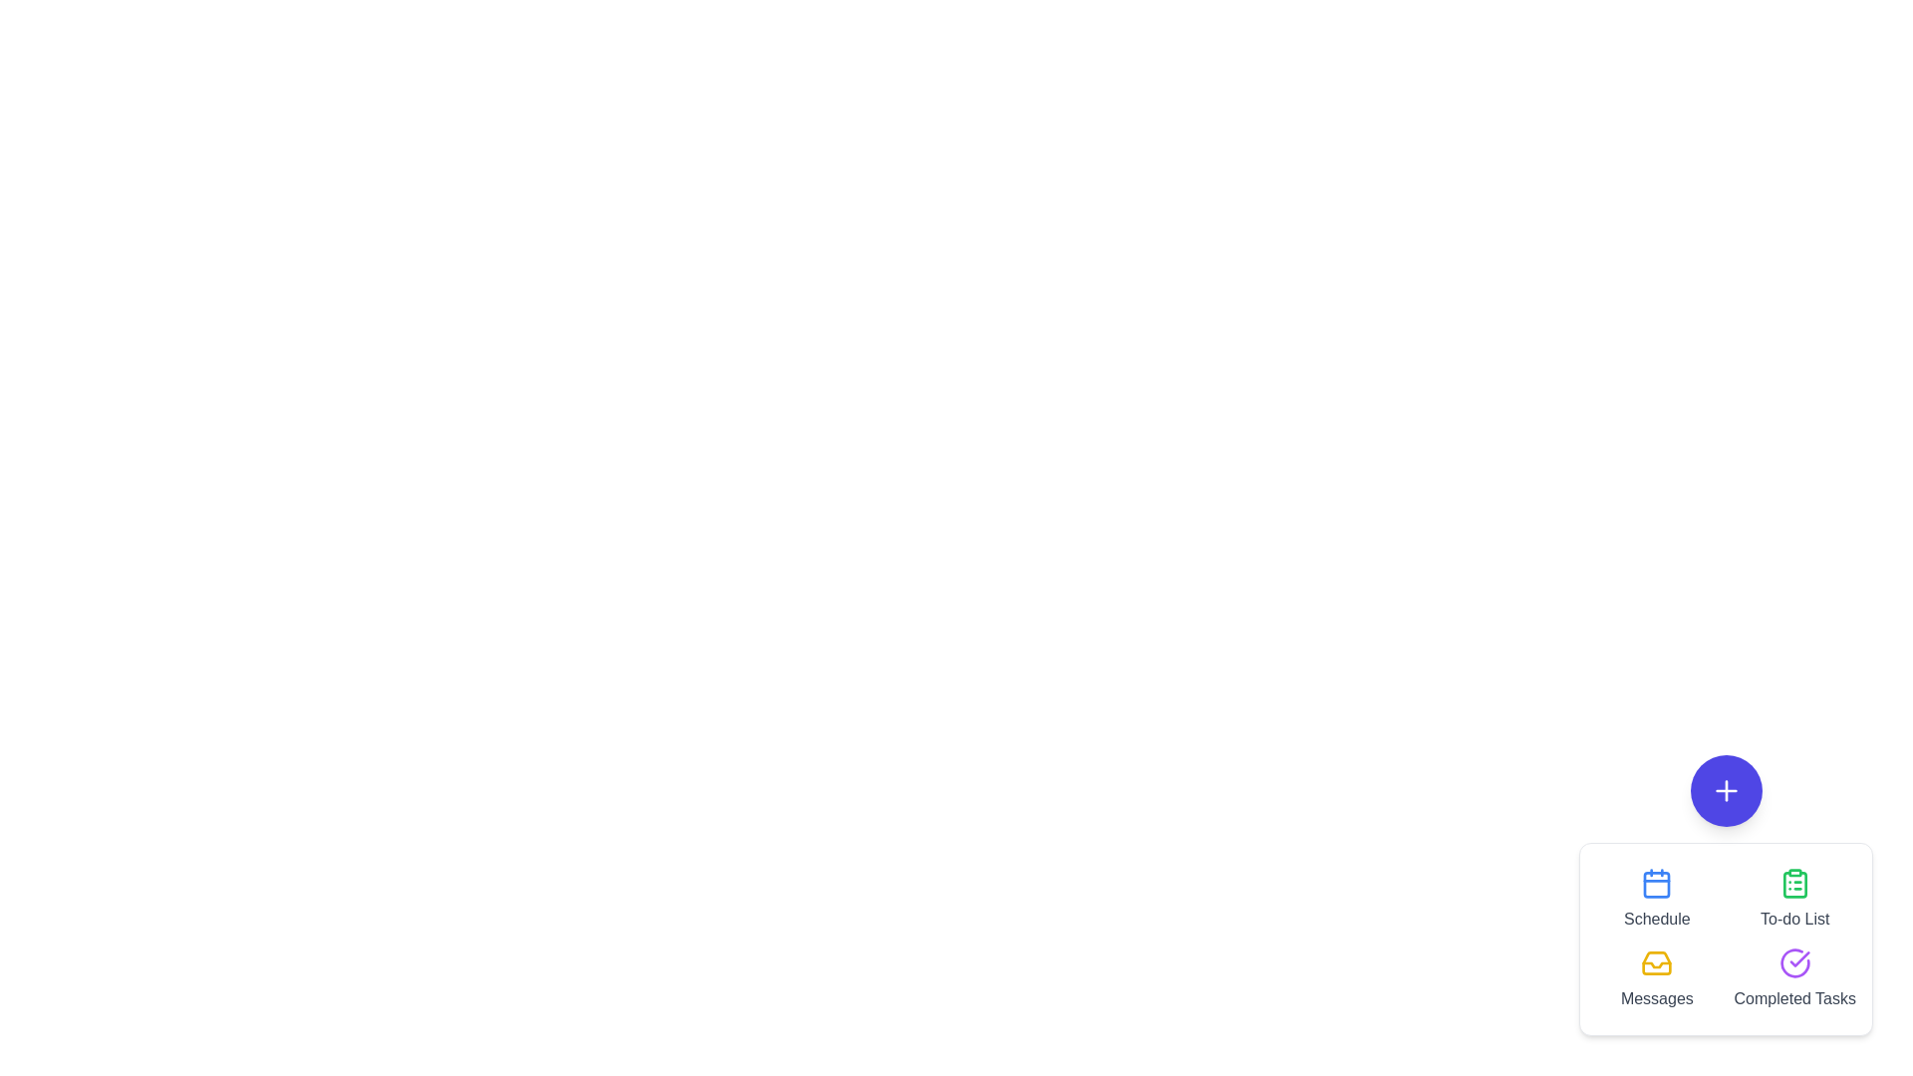 This screenshot has height=1076, width=1913. Describe the element at coordinates (1657, 978) in the screenshot. I see `the 'Messages' button to select it` at that location.